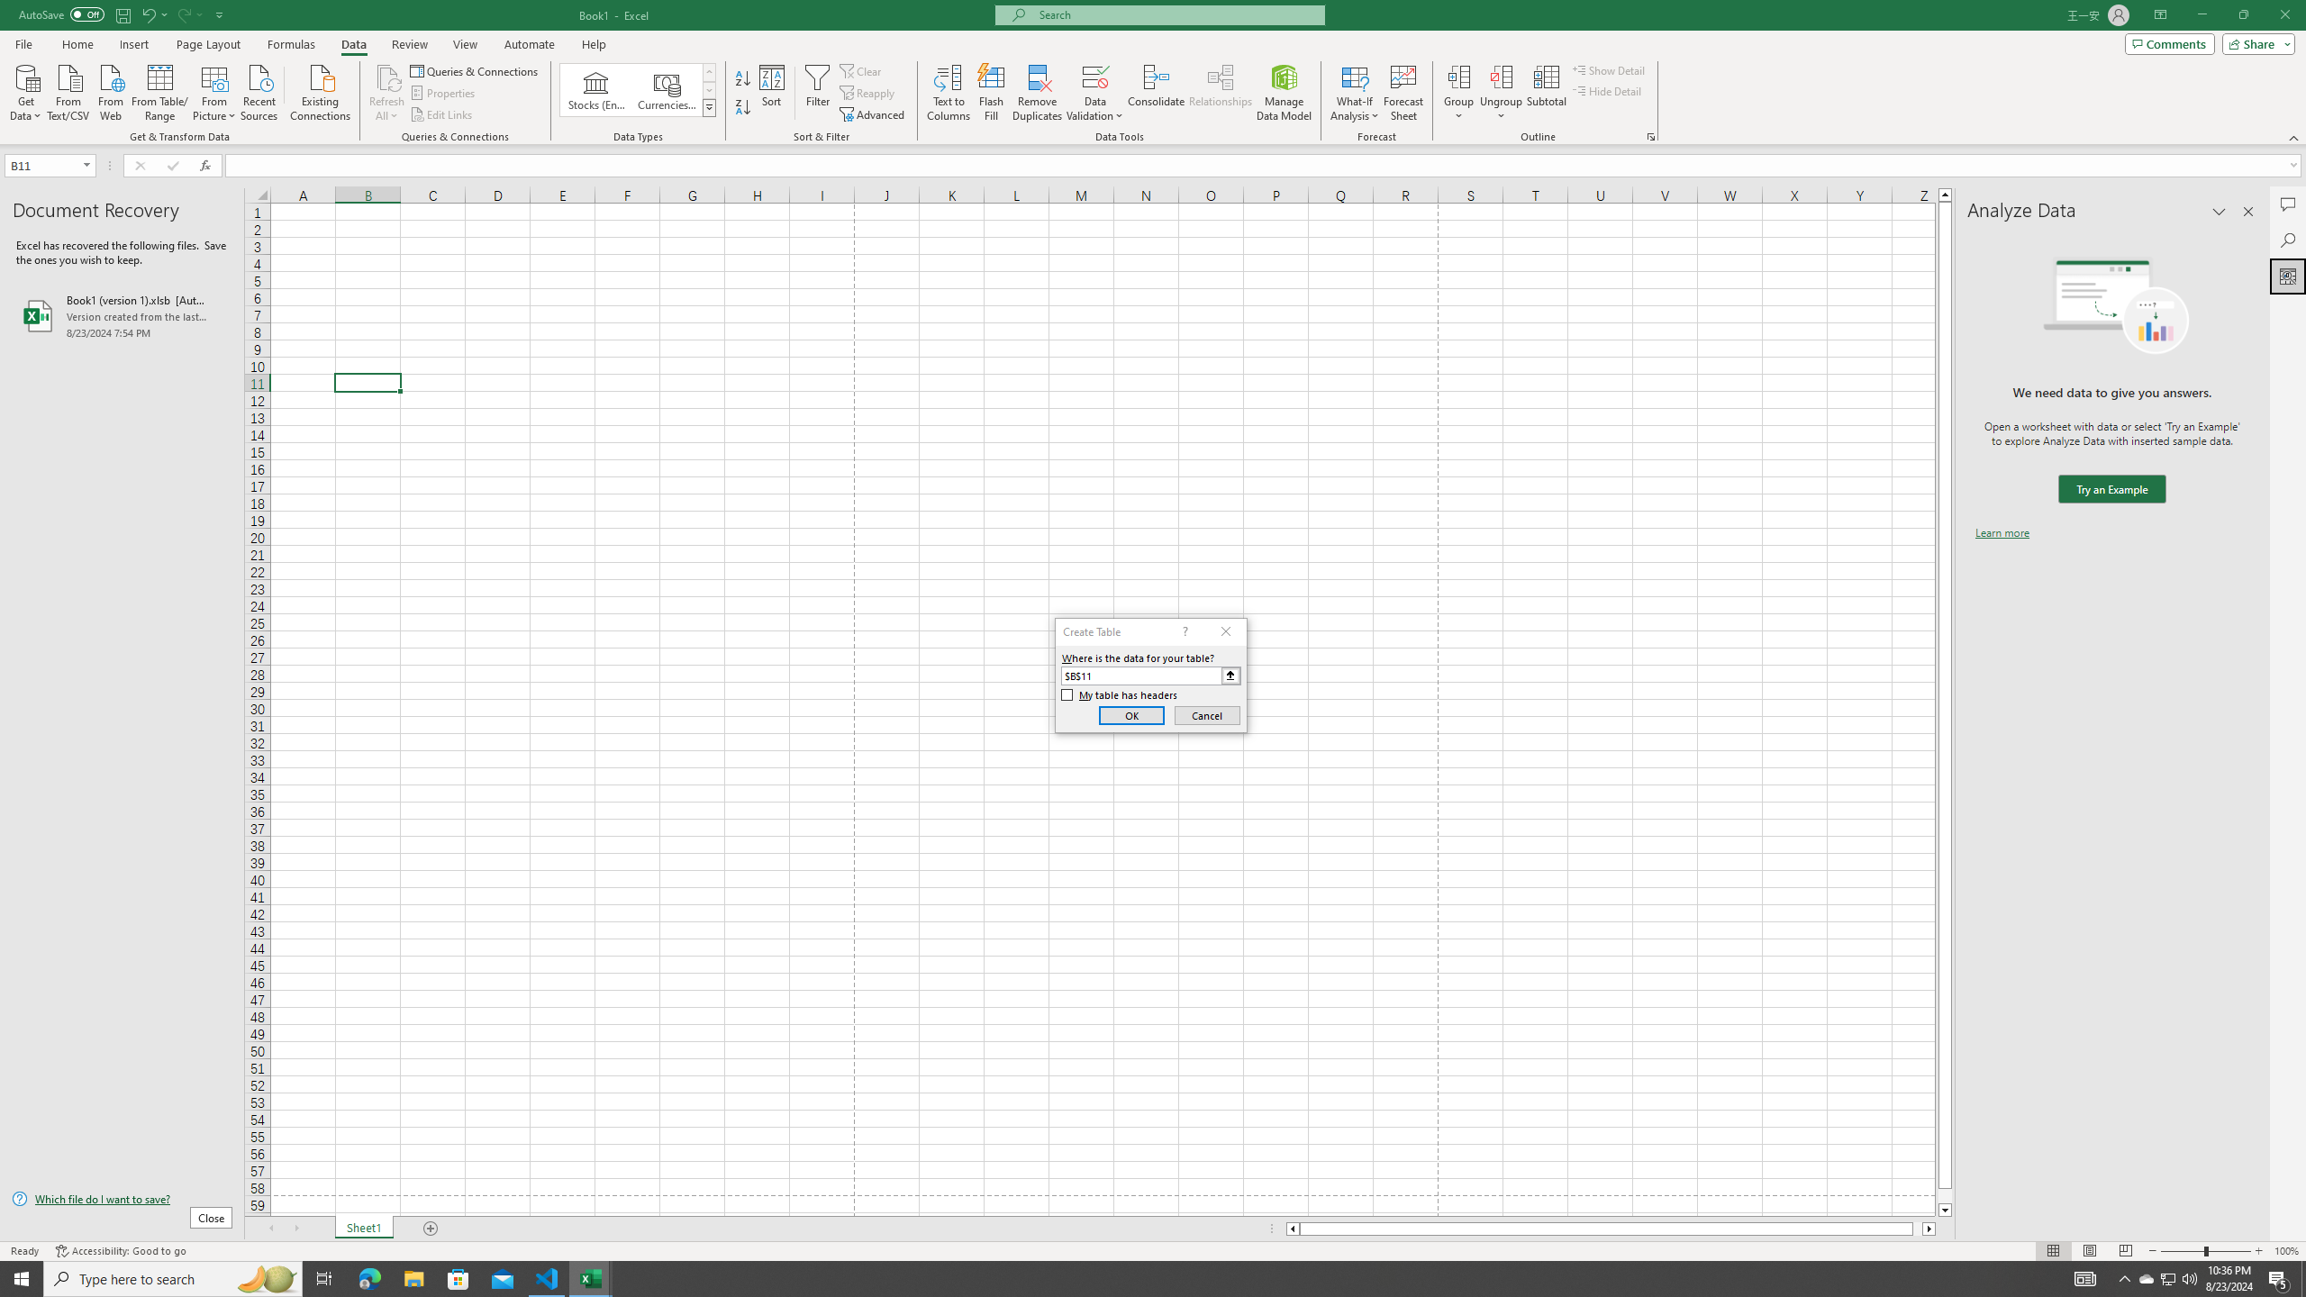 This screenshot has width=2306, height=1297. What do you see at coordinates (742, 78) in the screenshot?
I see `'Sort A to Z'` at bounding box center [742, 78].